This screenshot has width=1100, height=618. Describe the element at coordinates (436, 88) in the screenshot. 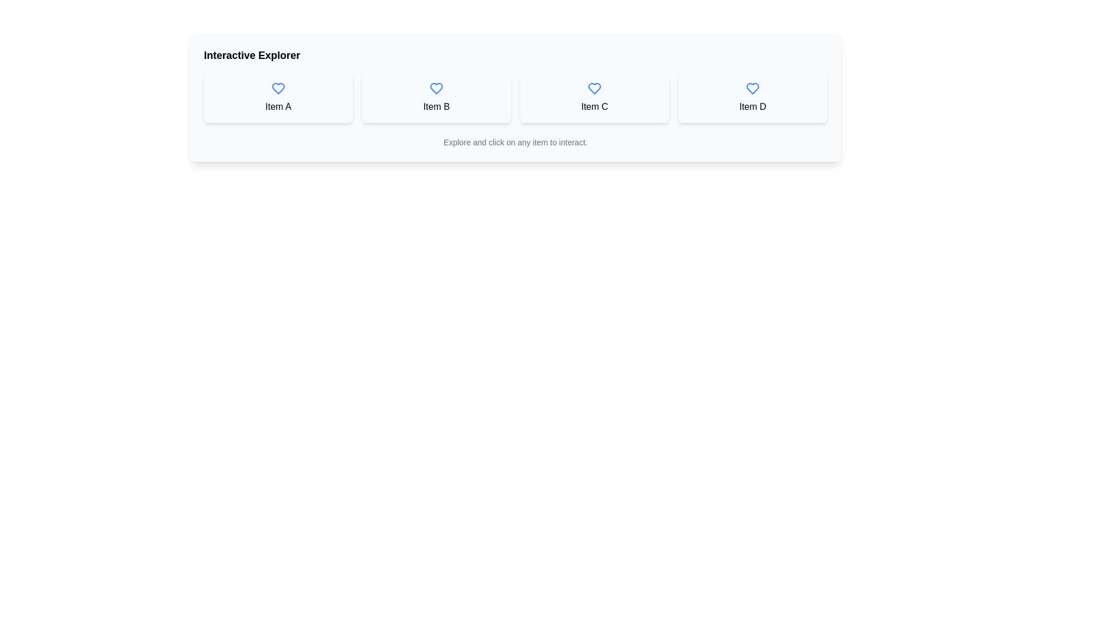

I see `the heart icon within the blue-shaded outline on the card labeled 'Item B', which is the second card from the left` at that location.